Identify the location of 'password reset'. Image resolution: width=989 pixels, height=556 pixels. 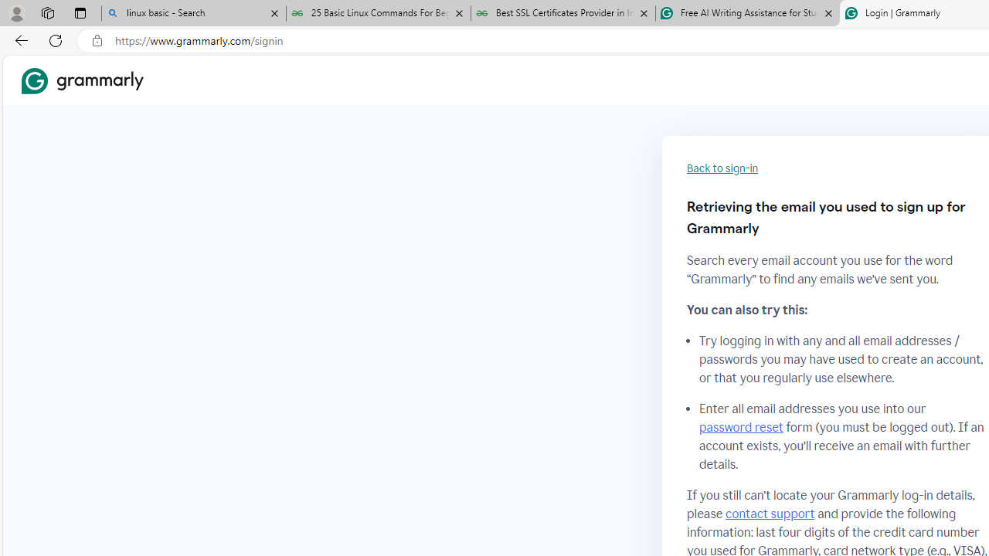
(740, 428).